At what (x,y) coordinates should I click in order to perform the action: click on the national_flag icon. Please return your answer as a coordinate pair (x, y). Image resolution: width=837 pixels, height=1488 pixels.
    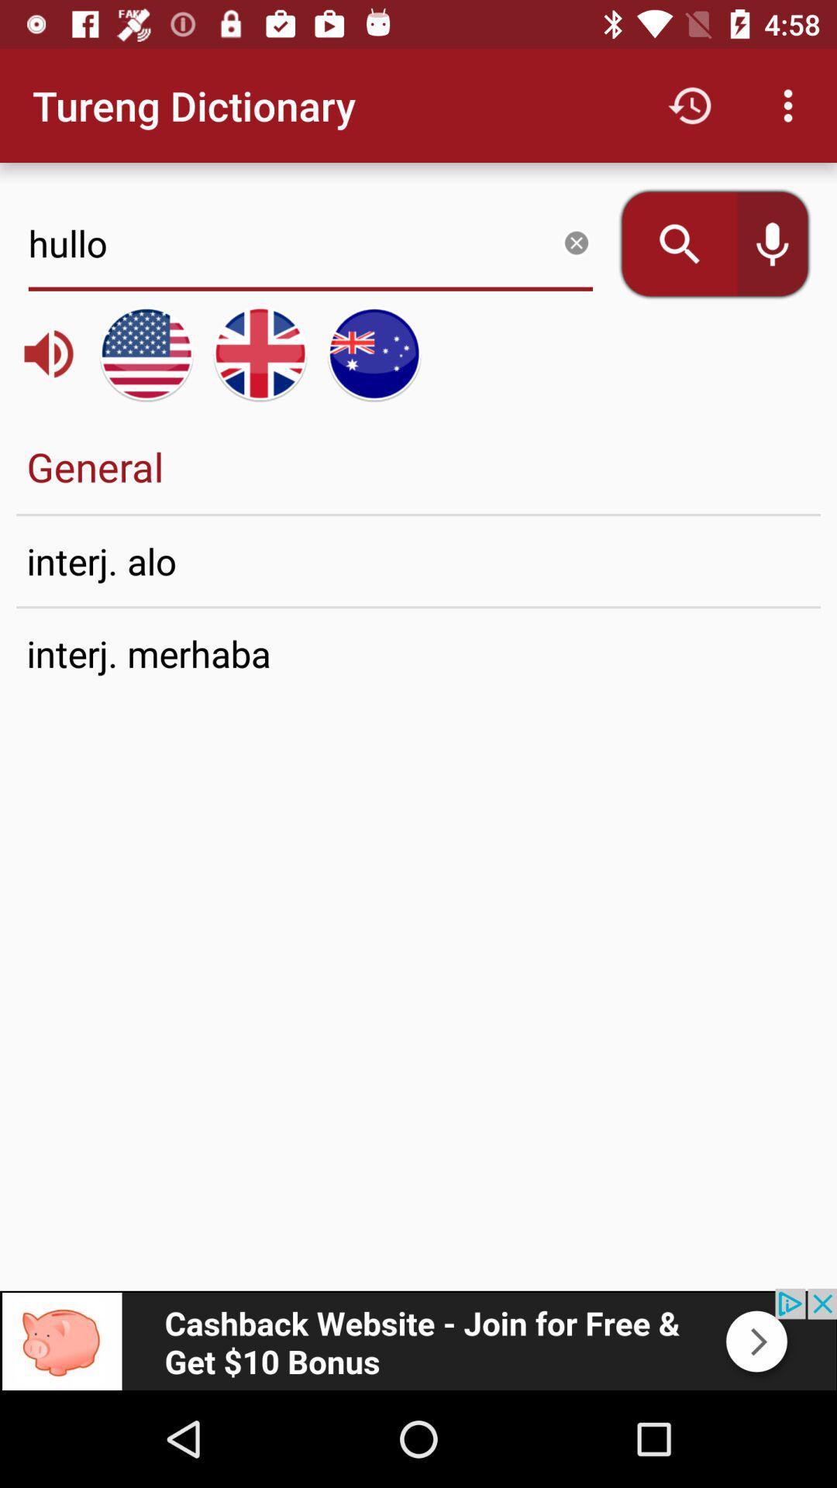
    Looking at the image, I should click on (259, 353).